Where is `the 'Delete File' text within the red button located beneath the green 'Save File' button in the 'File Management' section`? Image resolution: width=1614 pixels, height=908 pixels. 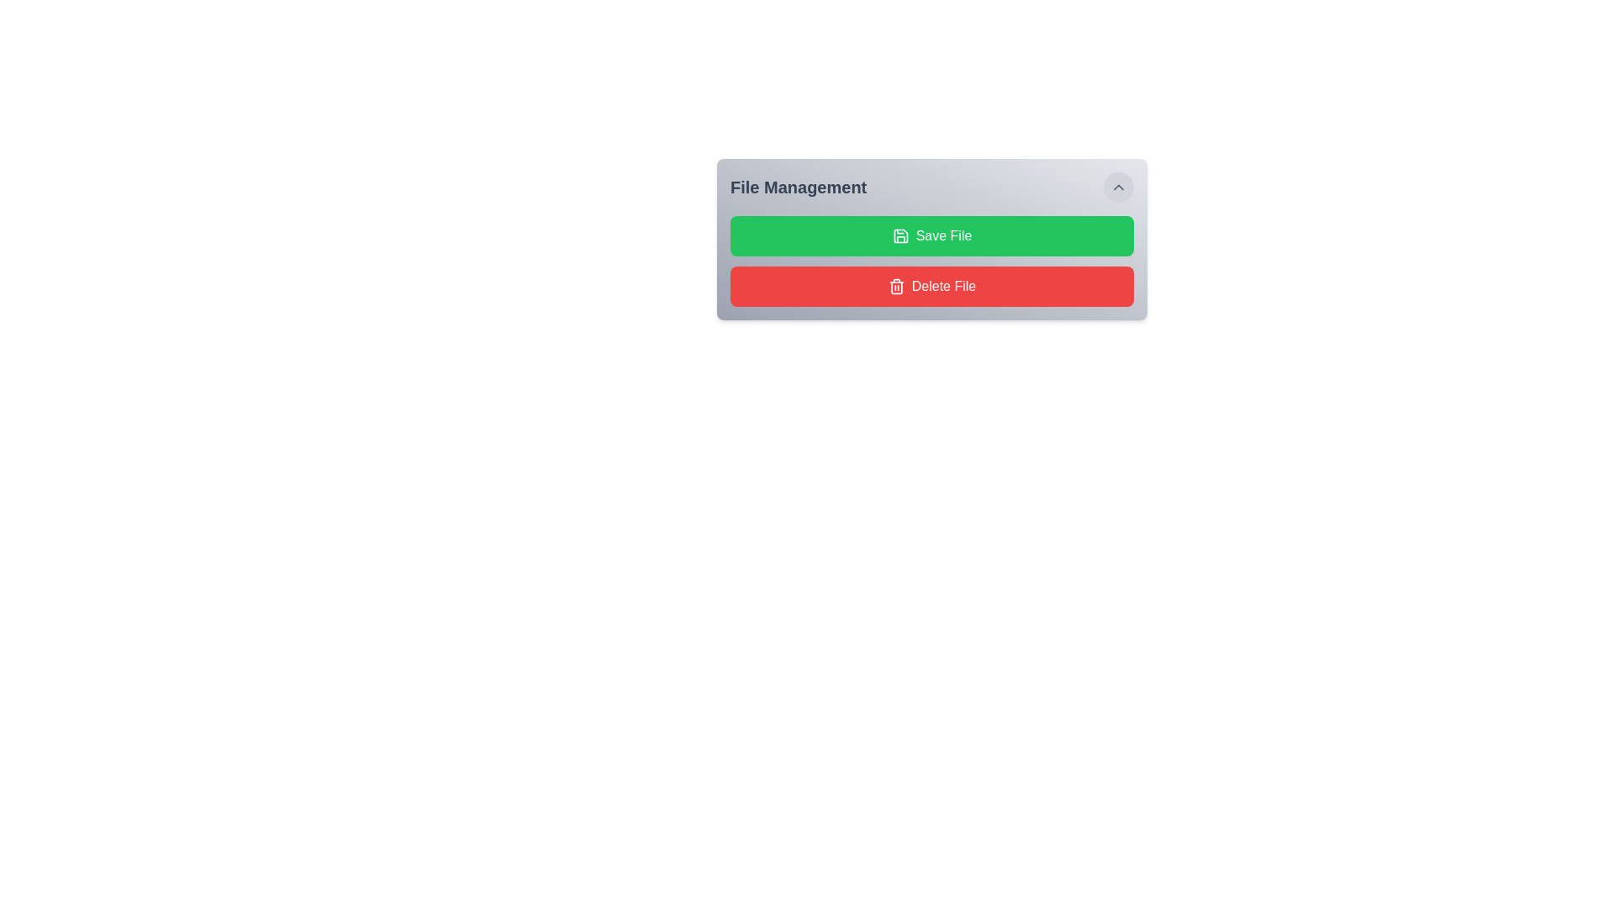 the 'Delete File' text within the red button located beneath the green 'Save File' button in the 'File Management' section is located at coordinates (944, 285).